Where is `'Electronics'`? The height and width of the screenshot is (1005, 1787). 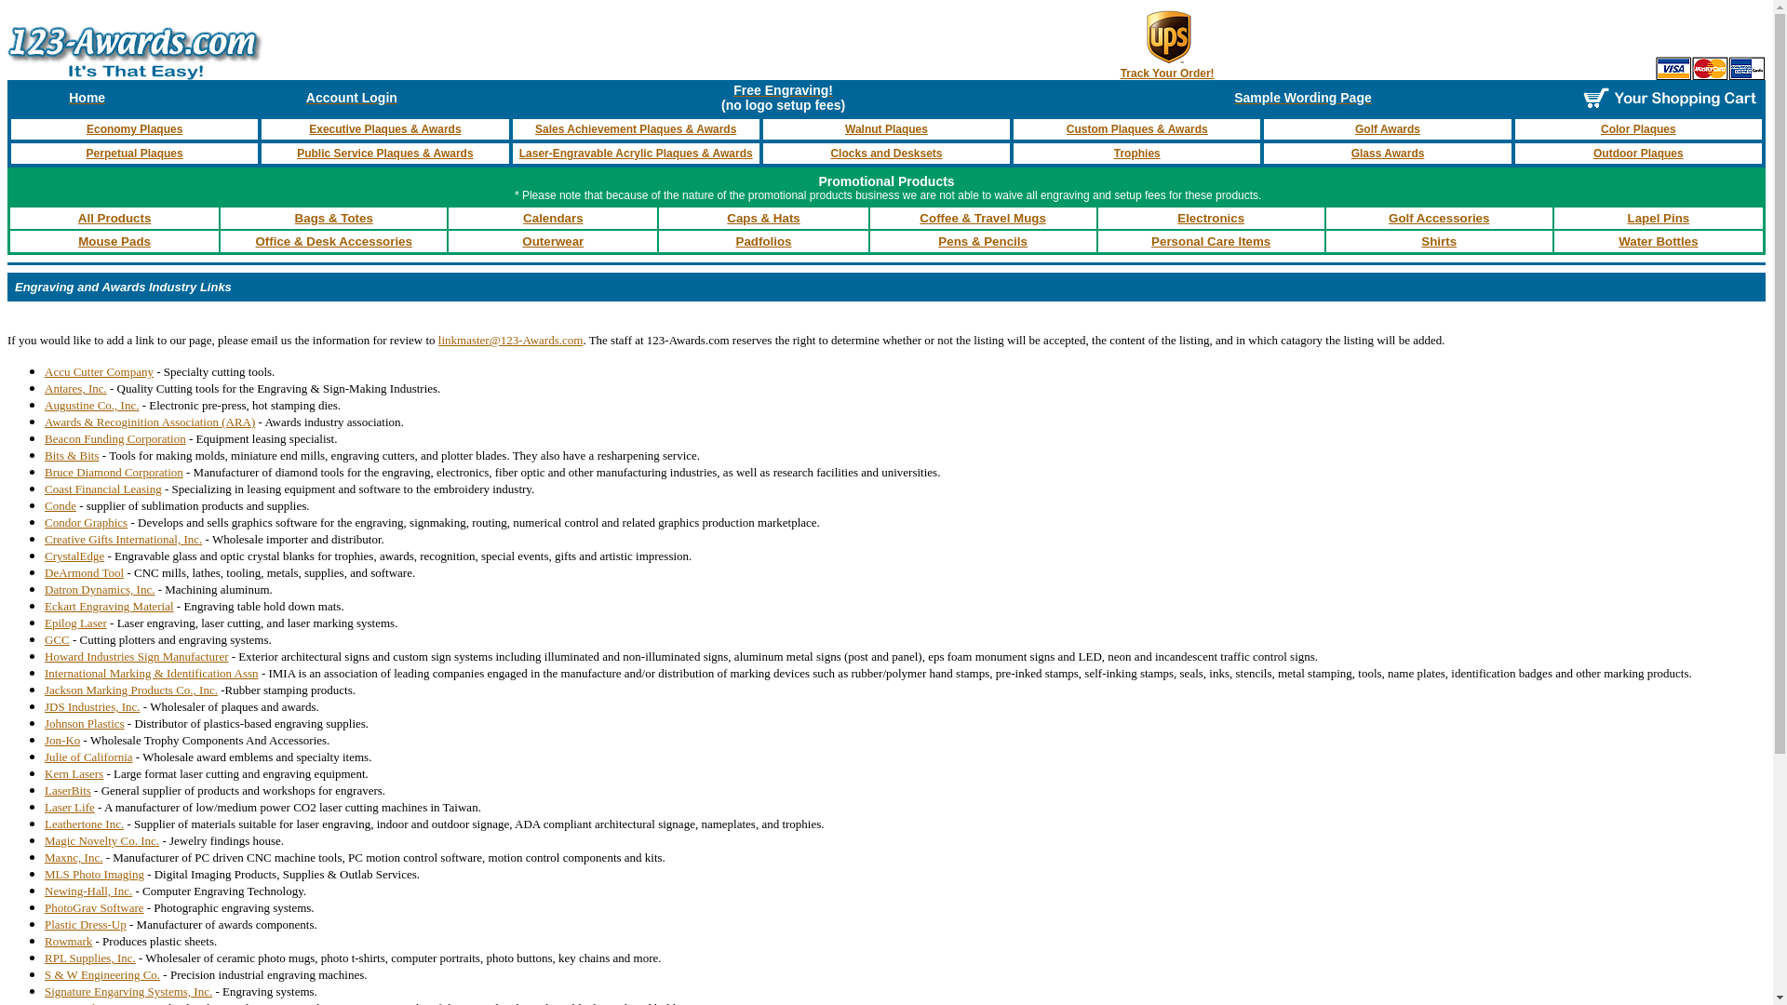 'Electronics' is located at coordinates (1210, 217).